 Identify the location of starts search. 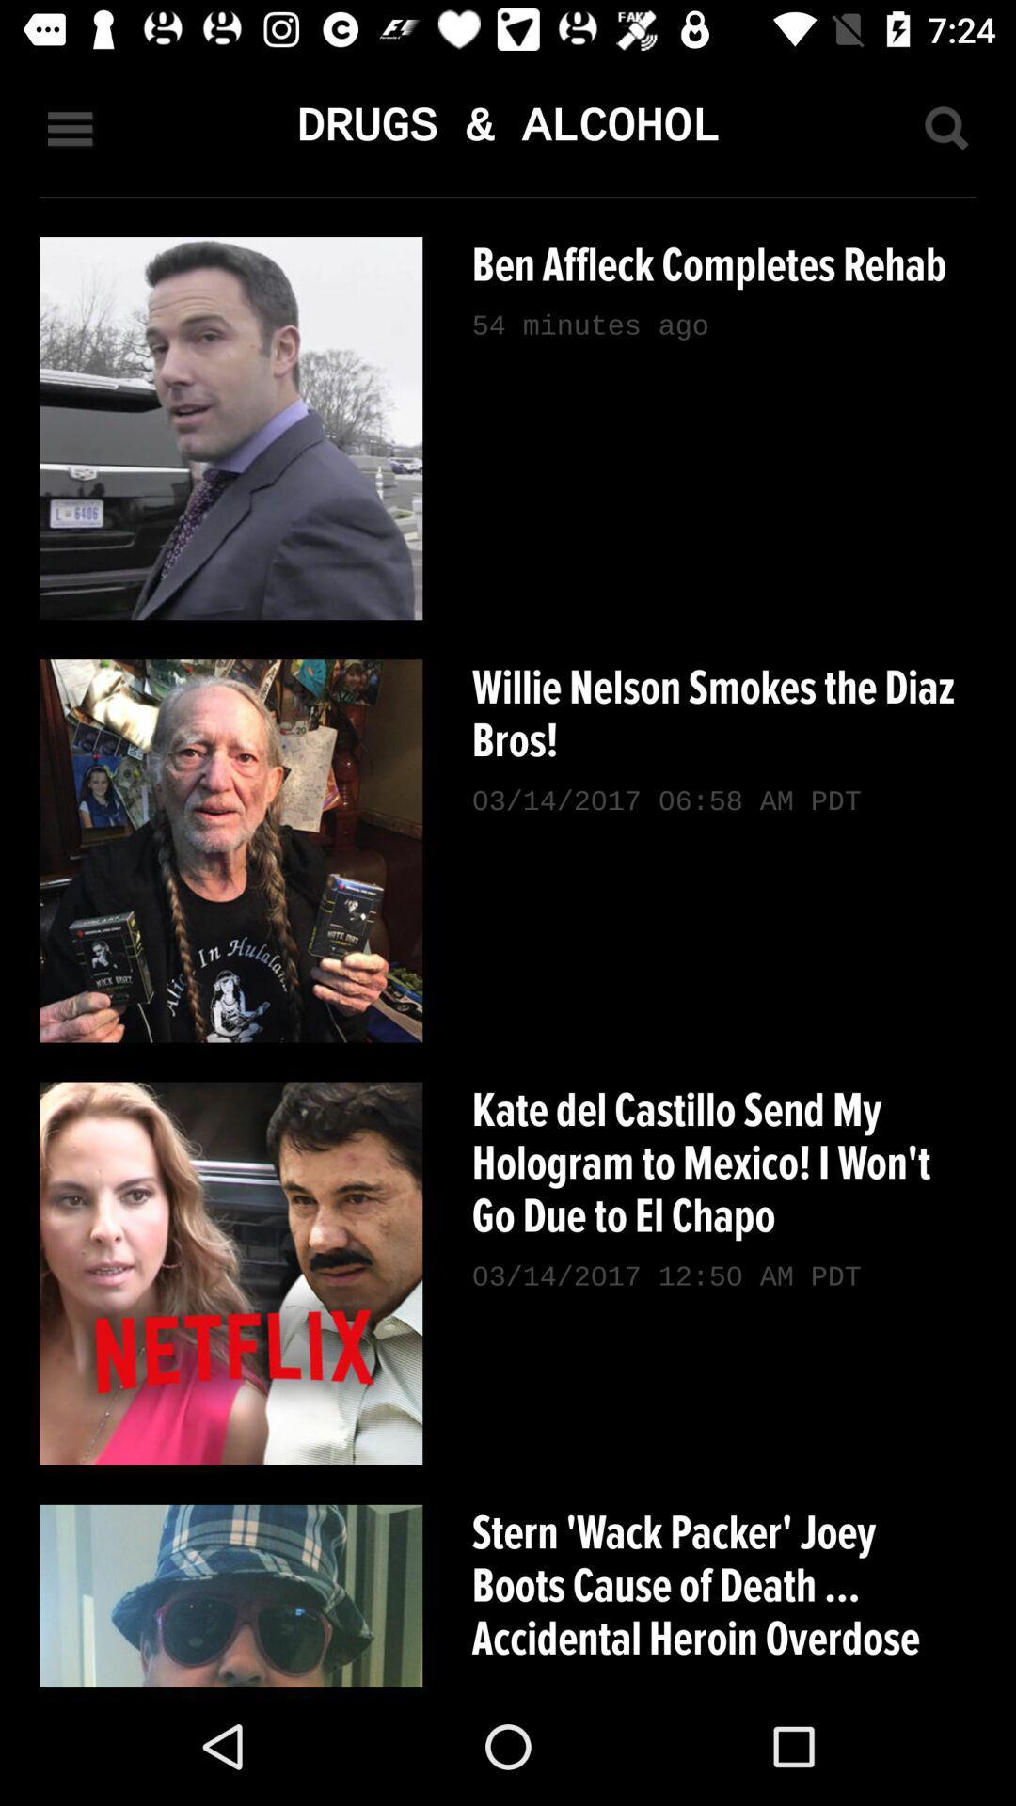
(945, 127).